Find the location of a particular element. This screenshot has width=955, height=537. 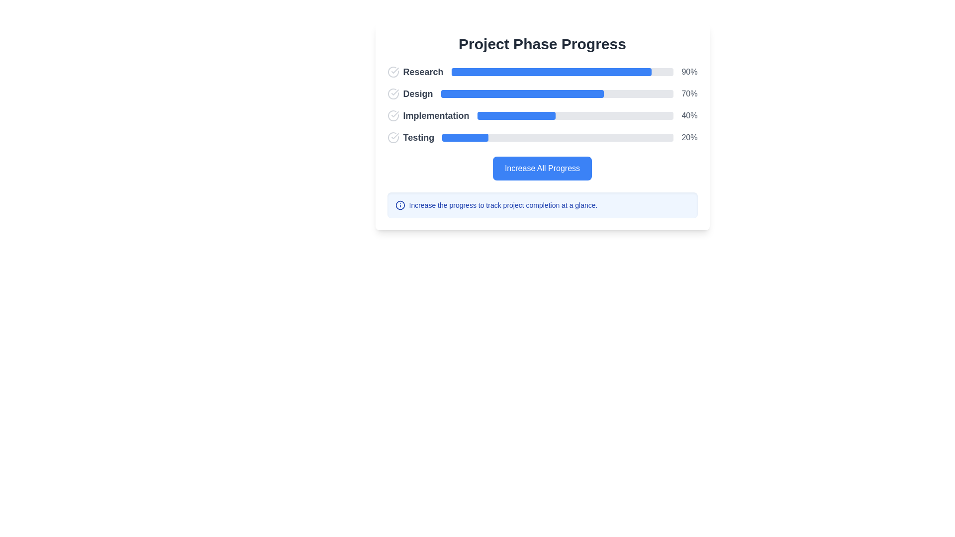

the 'Design' text label, which is styled in bold gray font and positioned as the second item under 'Project Phase Progress' is located at coordinates (418, 94).